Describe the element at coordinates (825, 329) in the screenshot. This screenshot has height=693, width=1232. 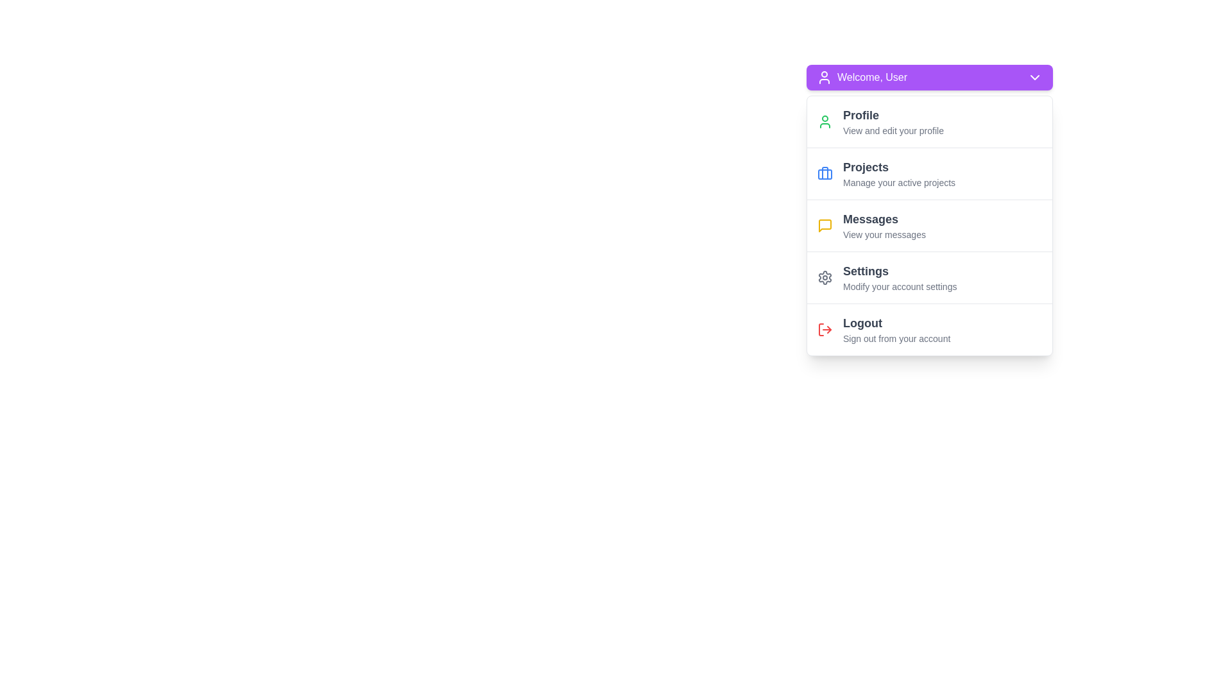
I see `the red logout icon represented by a right-pointing arrow, which is located at the bottom of the dropdown menu, to the left of the 'Logout' label` at that location.